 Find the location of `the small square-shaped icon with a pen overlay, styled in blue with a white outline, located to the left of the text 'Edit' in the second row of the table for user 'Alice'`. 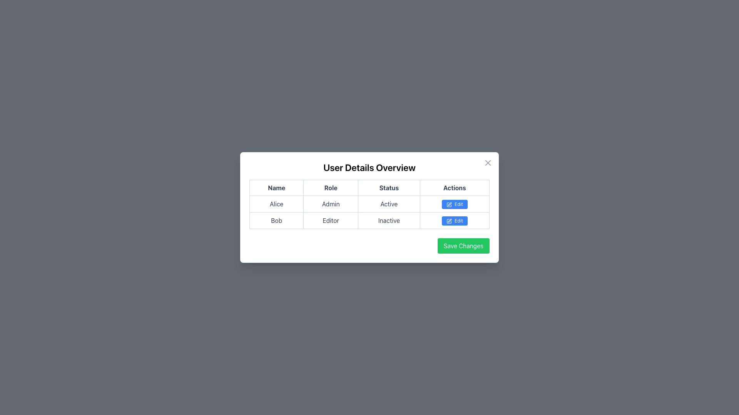

the small square-shaped icon with a pen overlay, styled in blue with a white outline, located to the left of the text 'Edit' in the second row of the table for user 'Alice' is located at coordinates (449, 204).